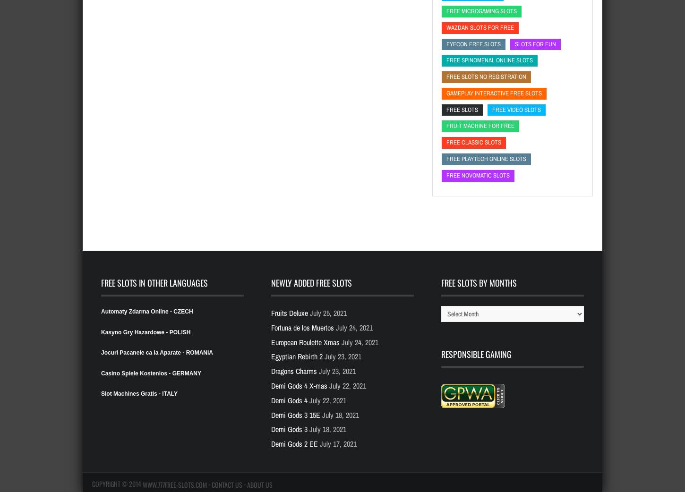  Describe the element at coordinates (478, 174) in the screenshot. I see `'free novomatic slots'` at that location.